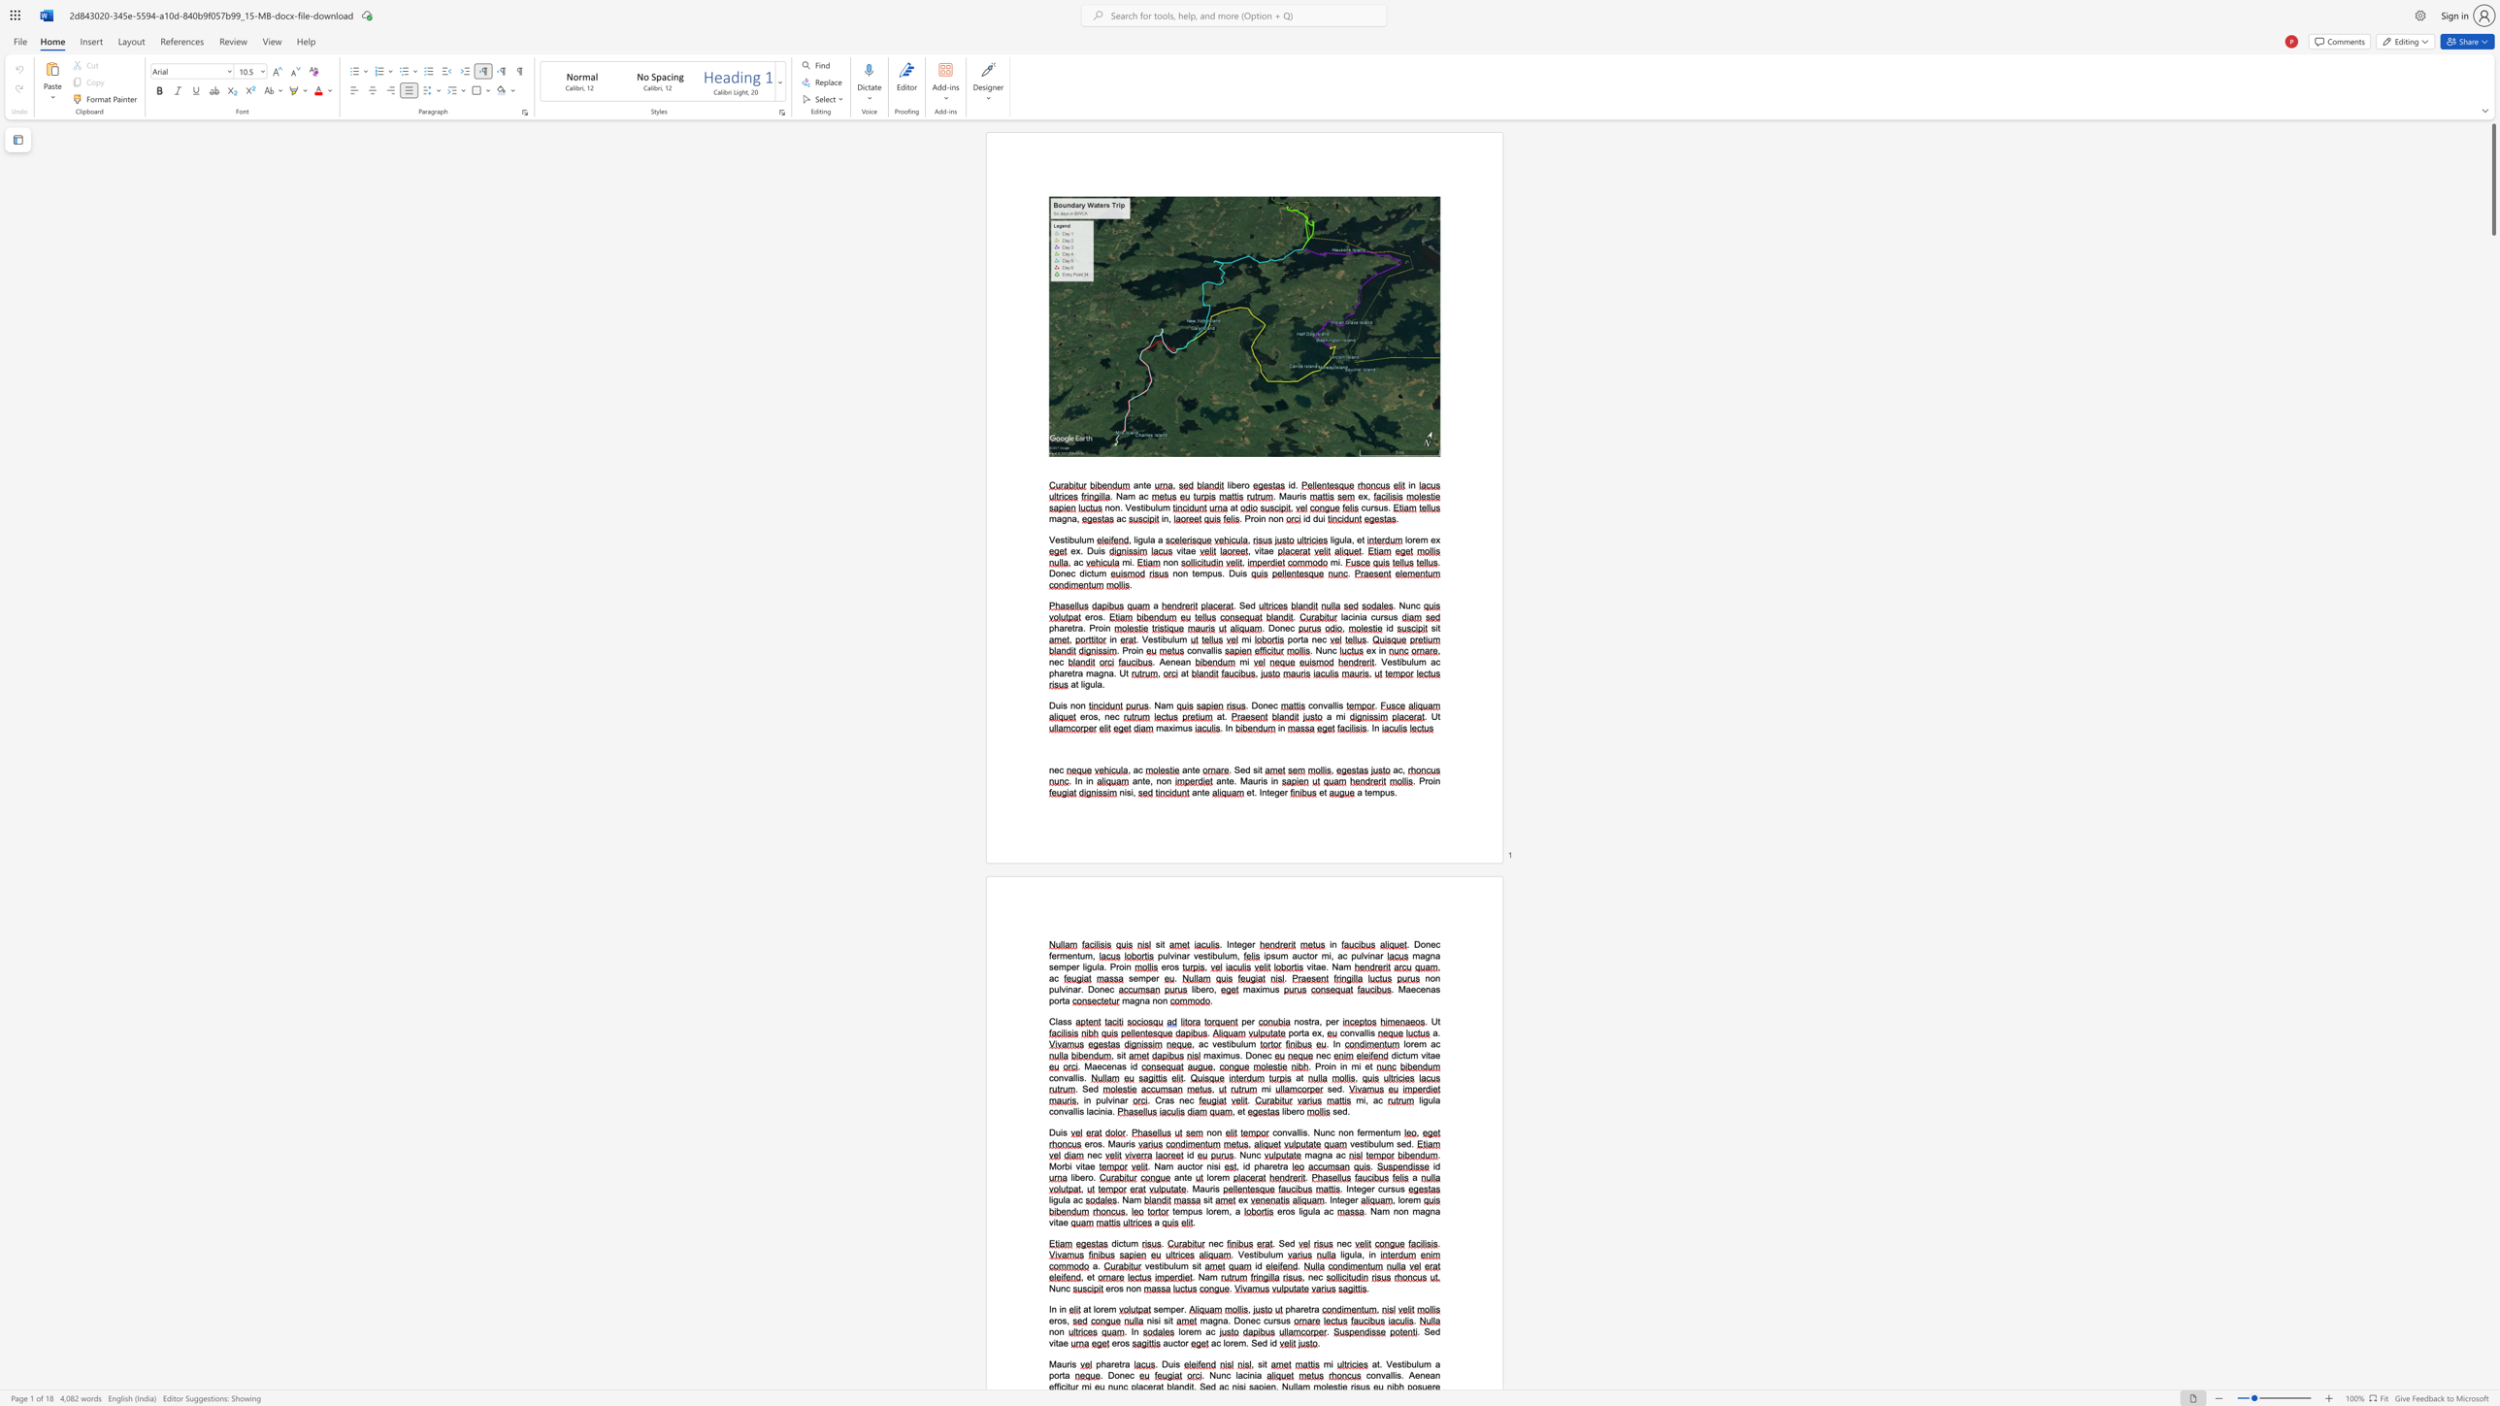 The height and width of the screenshot is (1406, 2500). I want to click on the 2th character "u" in the text, so click(1272, 1255).